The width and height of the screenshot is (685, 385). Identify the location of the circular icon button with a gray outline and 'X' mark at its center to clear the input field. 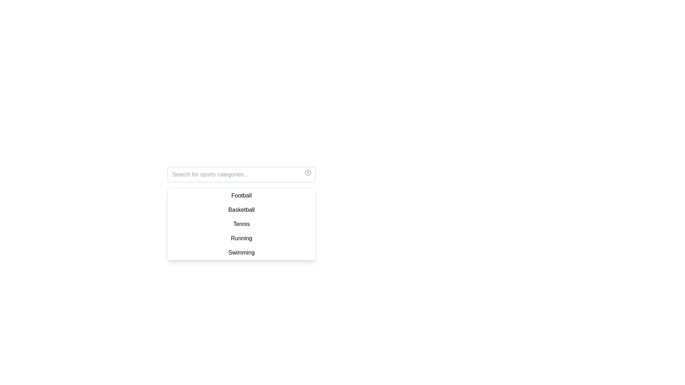
(308, 173).